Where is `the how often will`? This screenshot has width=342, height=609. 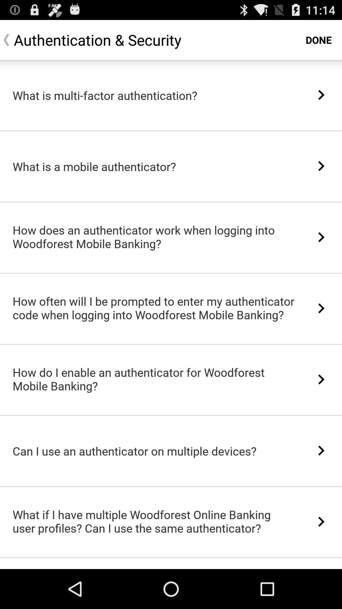 the how often will is located at coordinates (154, 308).